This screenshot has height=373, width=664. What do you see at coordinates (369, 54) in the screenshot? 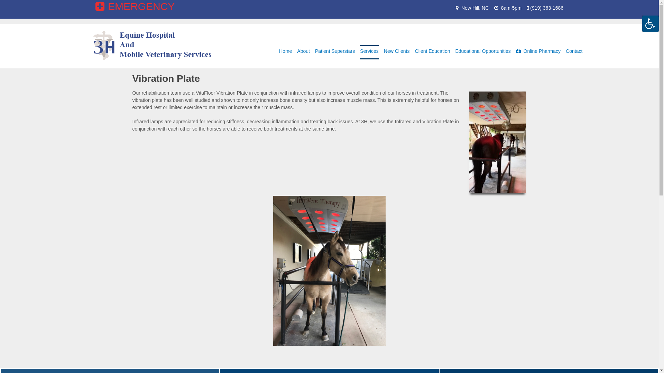
I see `'Services'` at bounding box center [369, 54].